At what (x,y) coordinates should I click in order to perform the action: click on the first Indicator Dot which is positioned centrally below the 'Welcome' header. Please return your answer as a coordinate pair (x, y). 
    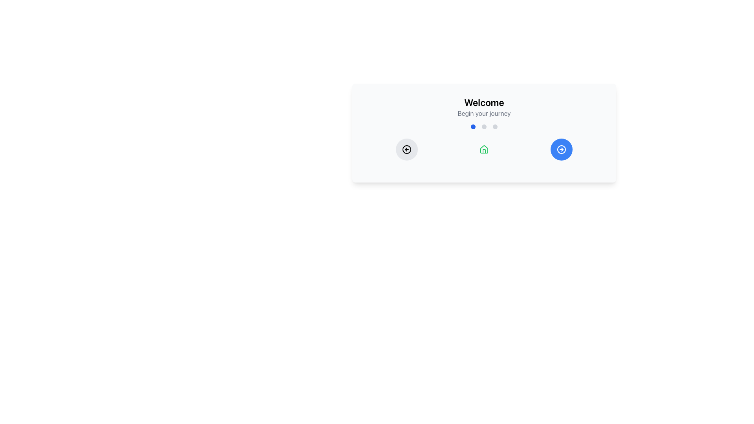
    Looking at the image, I should click on (472, 126).